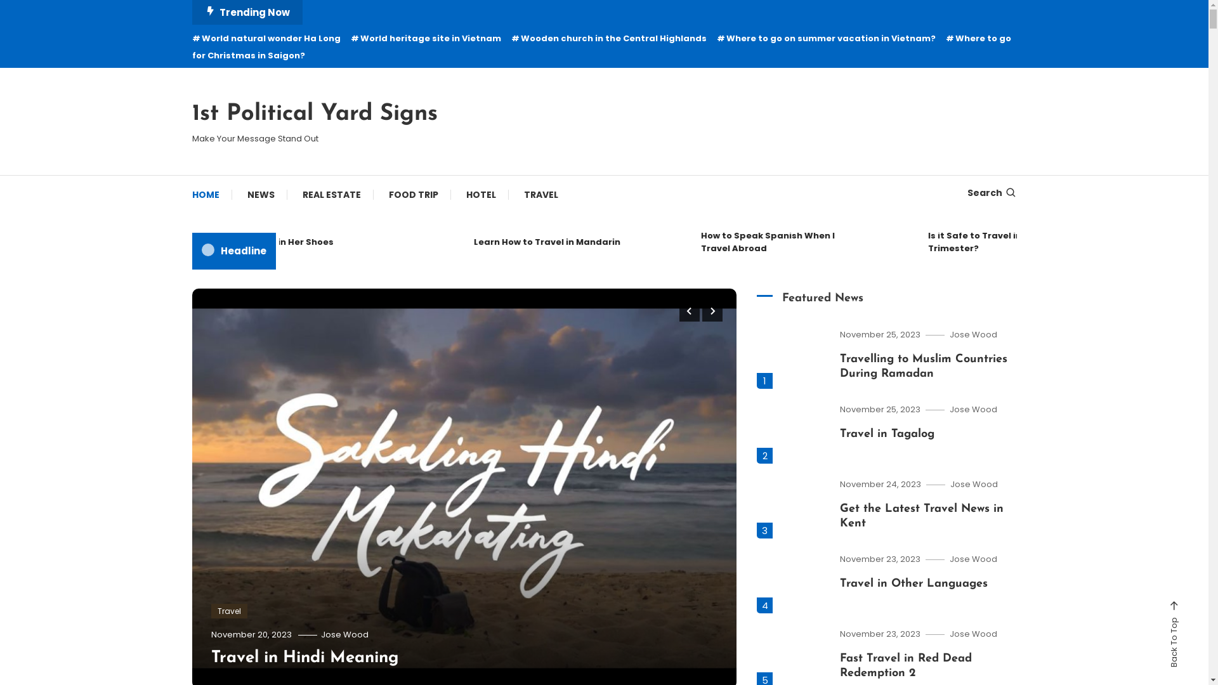  Describe the element at coordinates (413, 195) in the screenshot. I see `'FOOD TRIP'` at that location.